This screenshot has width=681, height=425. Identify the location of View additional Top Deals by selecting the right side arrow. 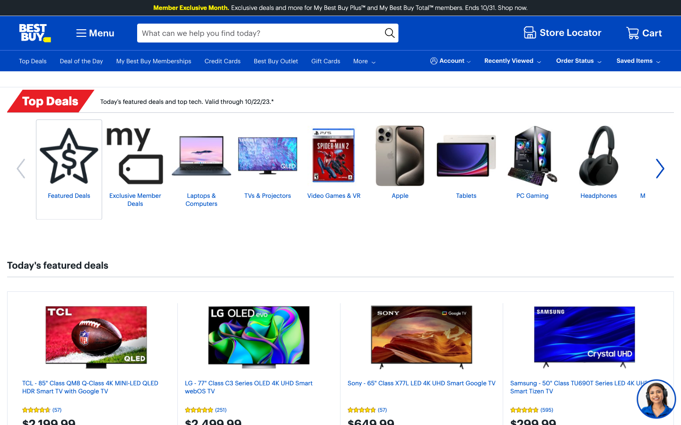
(660, 170).